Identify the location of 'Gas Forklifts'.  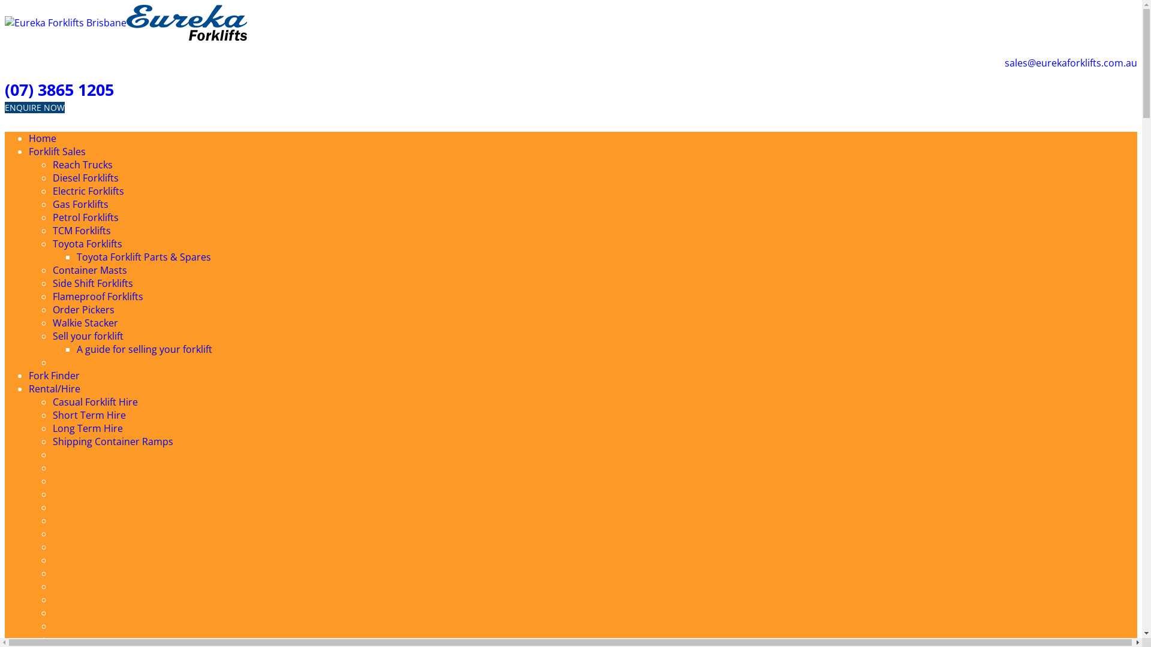
(52, 203).